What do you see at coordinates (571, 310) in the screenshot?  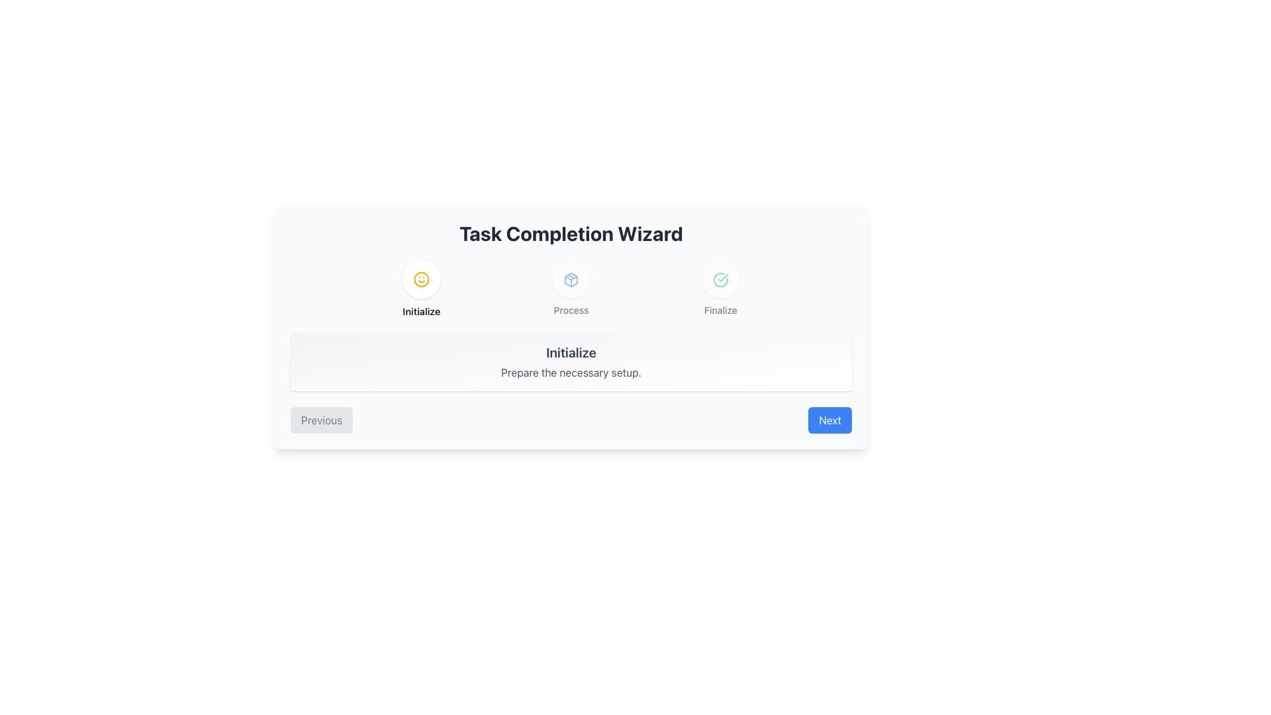 I see `the text label displaying 'Process', which is styled with small text size and medium weight font, located centrally below the blue package icon in the horizontal step navigation component` at bounding box center [571, 310].